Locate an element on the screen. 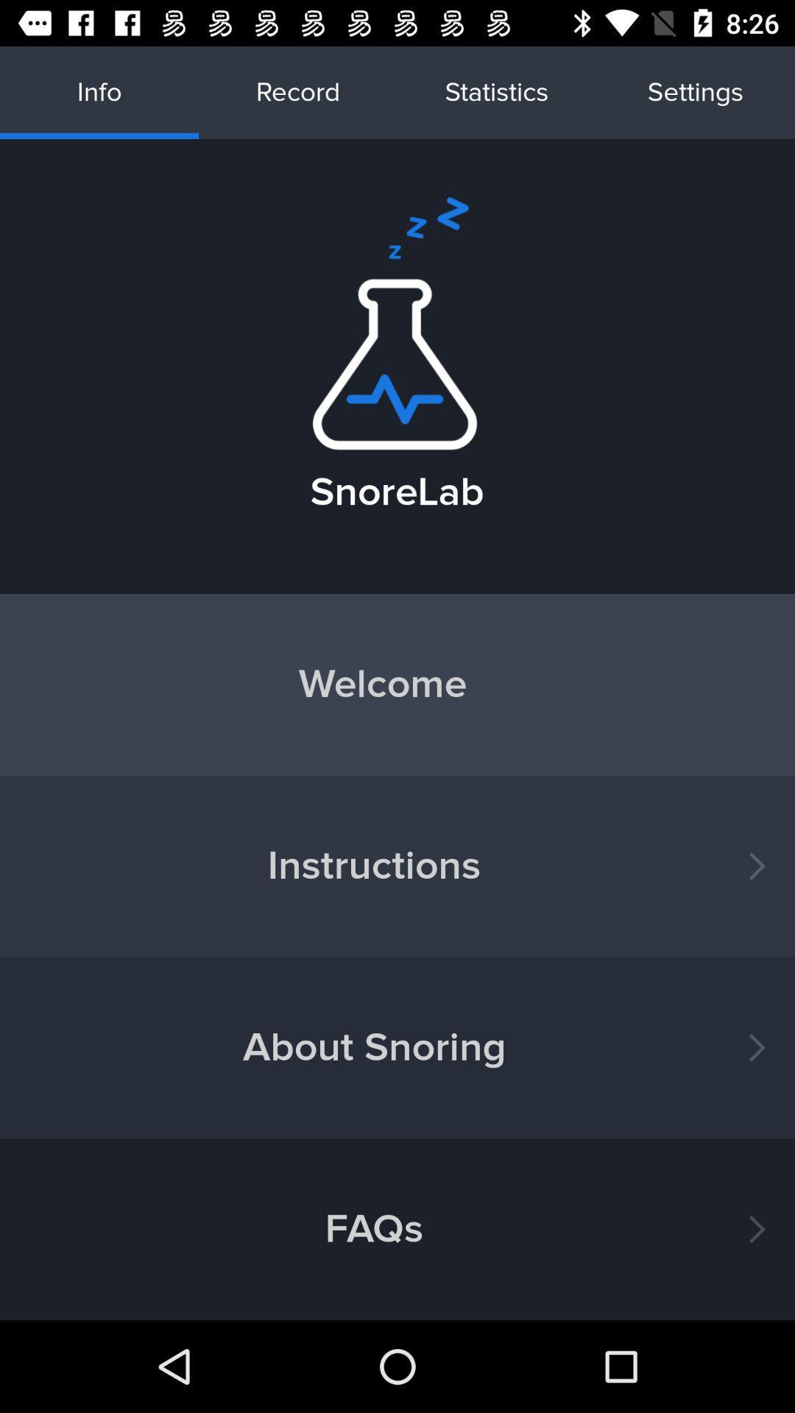  icon above the about snoring icon is located at coordinates (397, 866).